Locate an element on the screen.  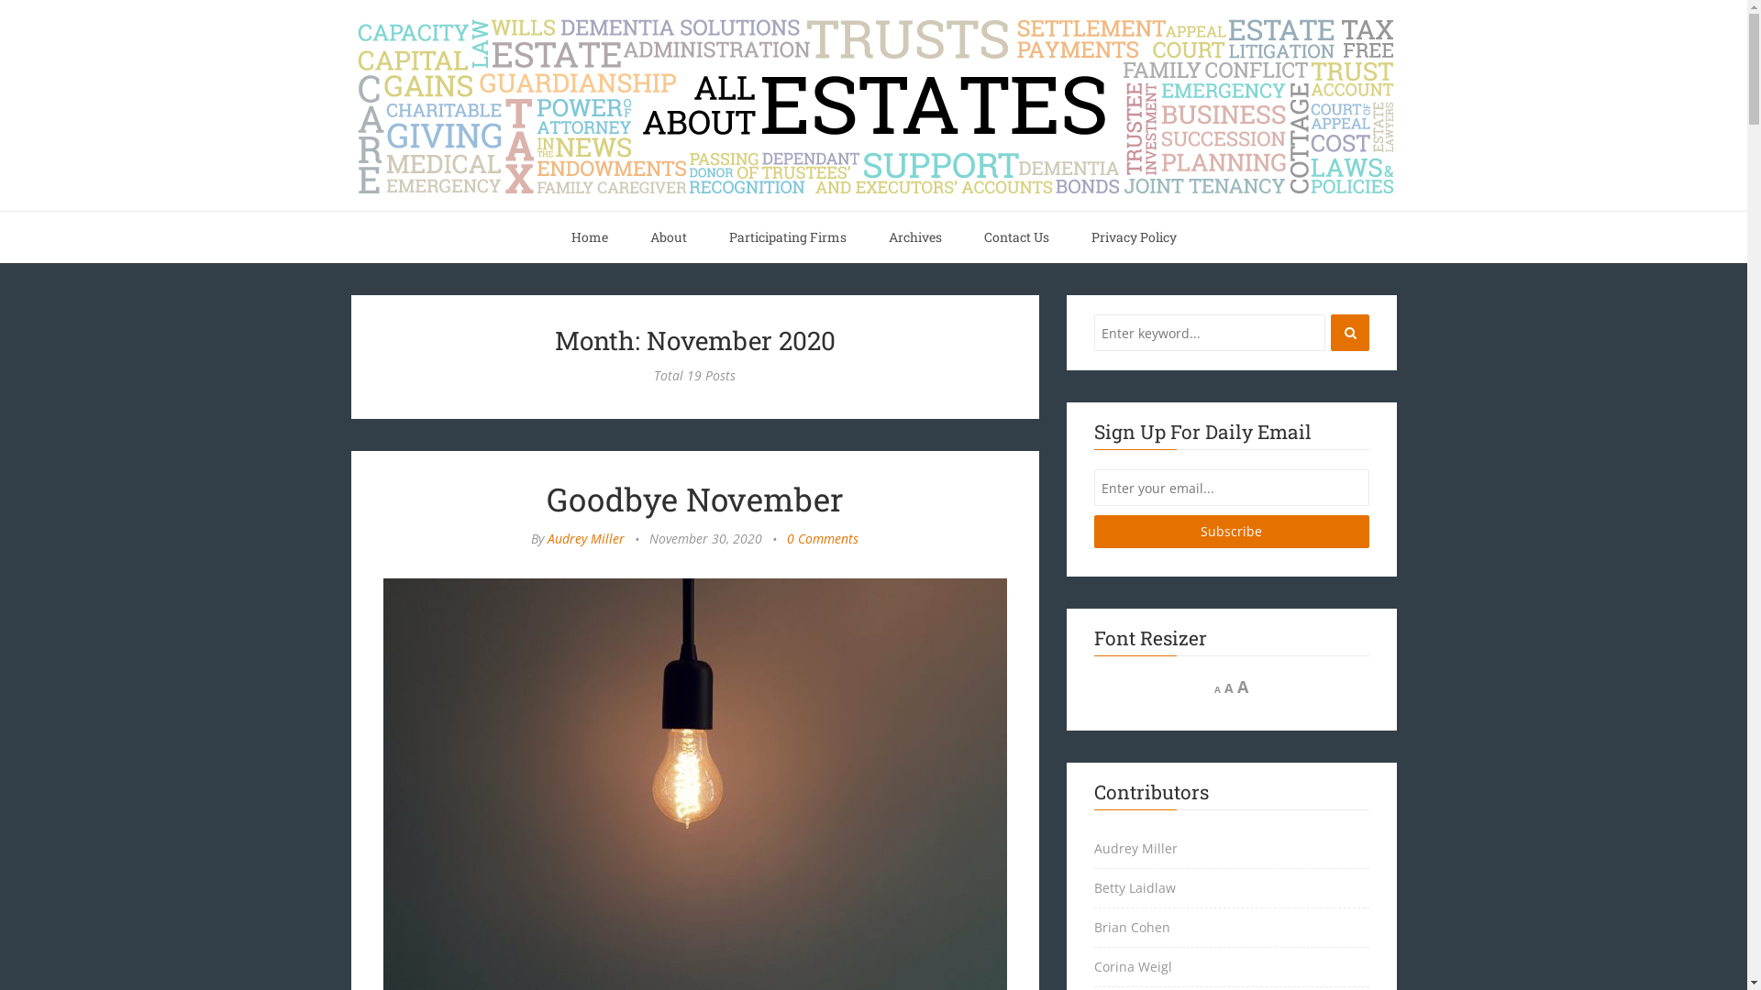
'A' is located at coordinates (1217, 689).